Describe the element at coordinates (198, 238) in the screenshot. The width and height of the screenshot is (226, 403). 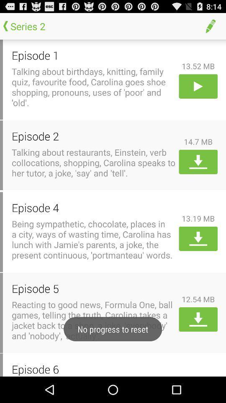
I see `download episode 4` at that location.